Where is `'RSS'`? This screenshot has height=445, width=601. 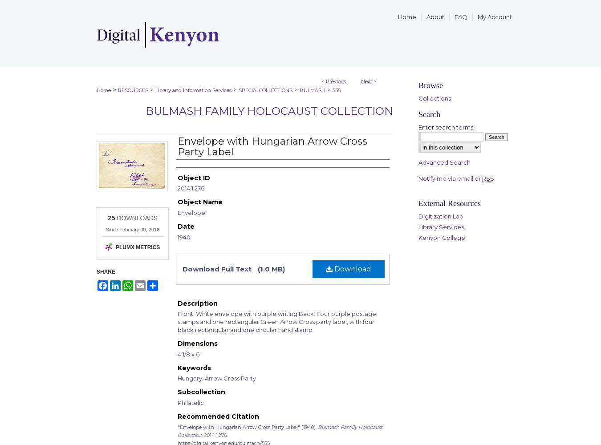 'RSS' is located at coordinates (482, 178).